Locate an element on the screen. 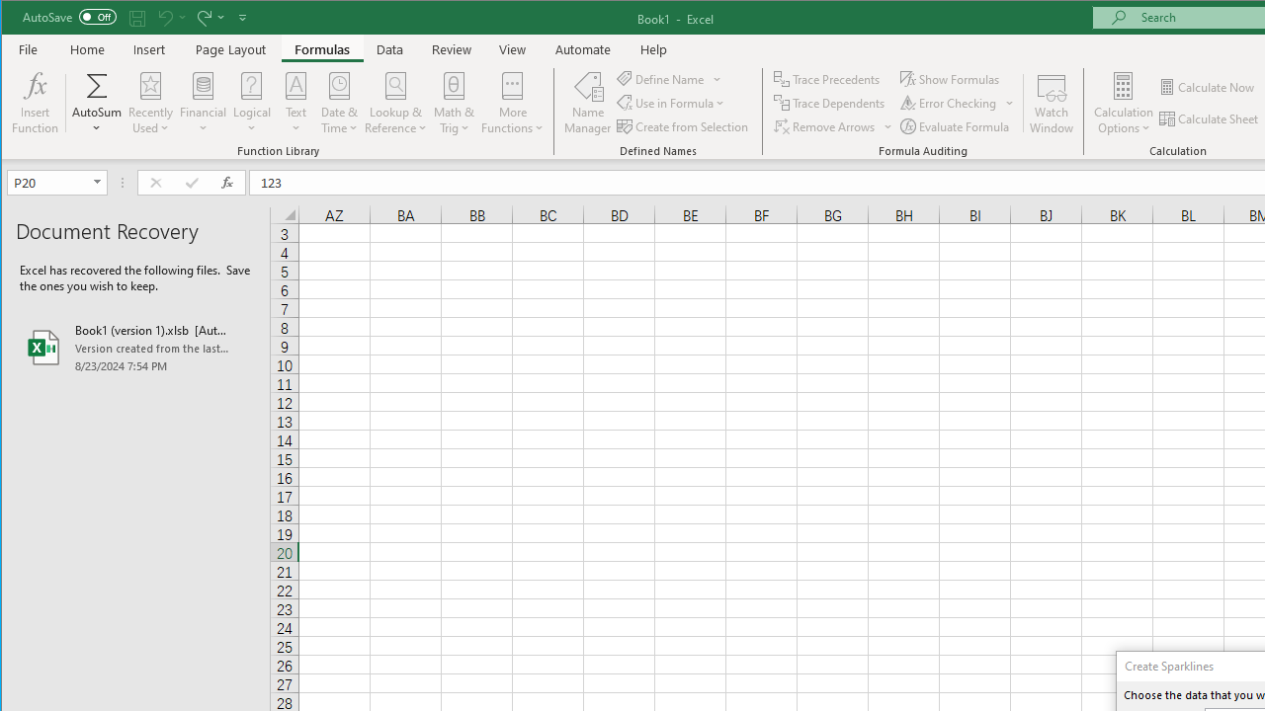 Image resolution: width=1265 pixels, height=711 pixels. 'Math & Trig' is located at coordinates (453, 103).